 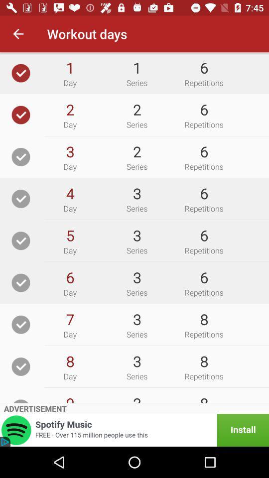 What do you see at coordinates (21, 366) in the screenshot?
I see `a day` at bounding box center [21, 366].